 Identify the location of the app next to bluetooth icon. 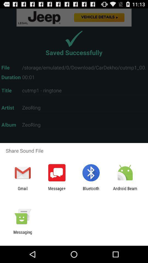
(56, 191).